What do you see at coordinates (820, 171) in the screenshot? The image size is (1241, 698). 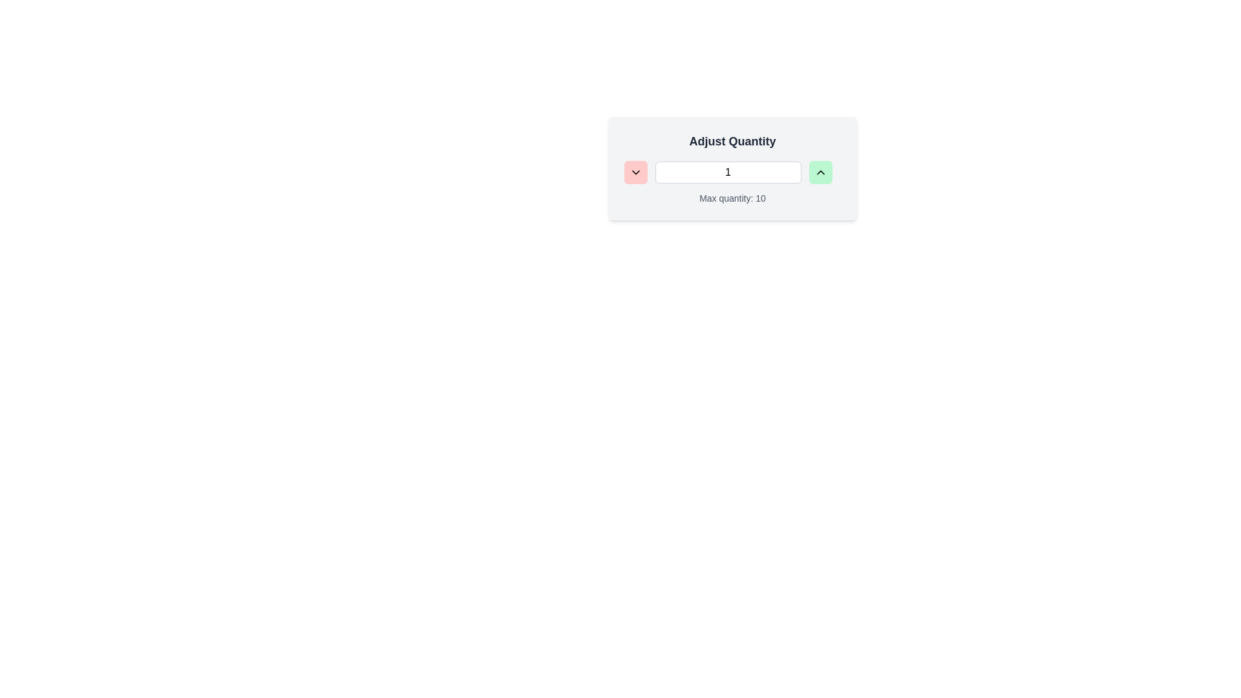 I see `the light green button with rounded corners and a black upward-pointing chevron icon to increment the value` at bounding box center [820, 171].